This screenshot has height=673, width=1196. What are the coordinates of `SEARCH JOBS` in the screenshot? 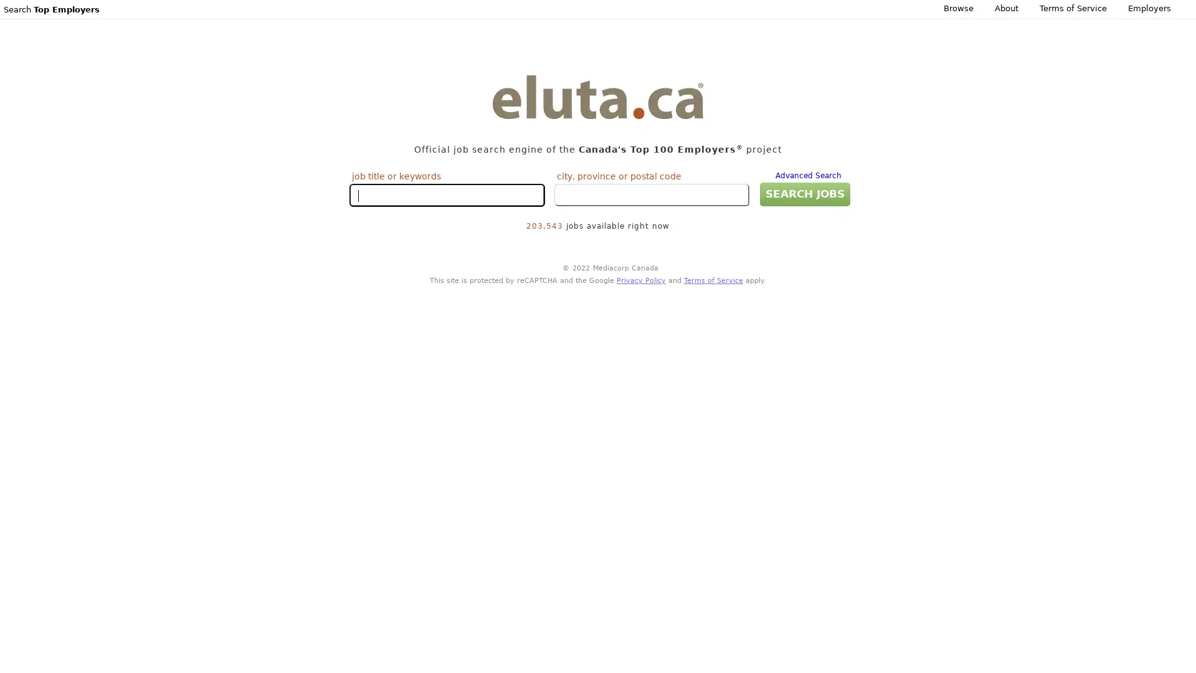 It's located at (802, 194).